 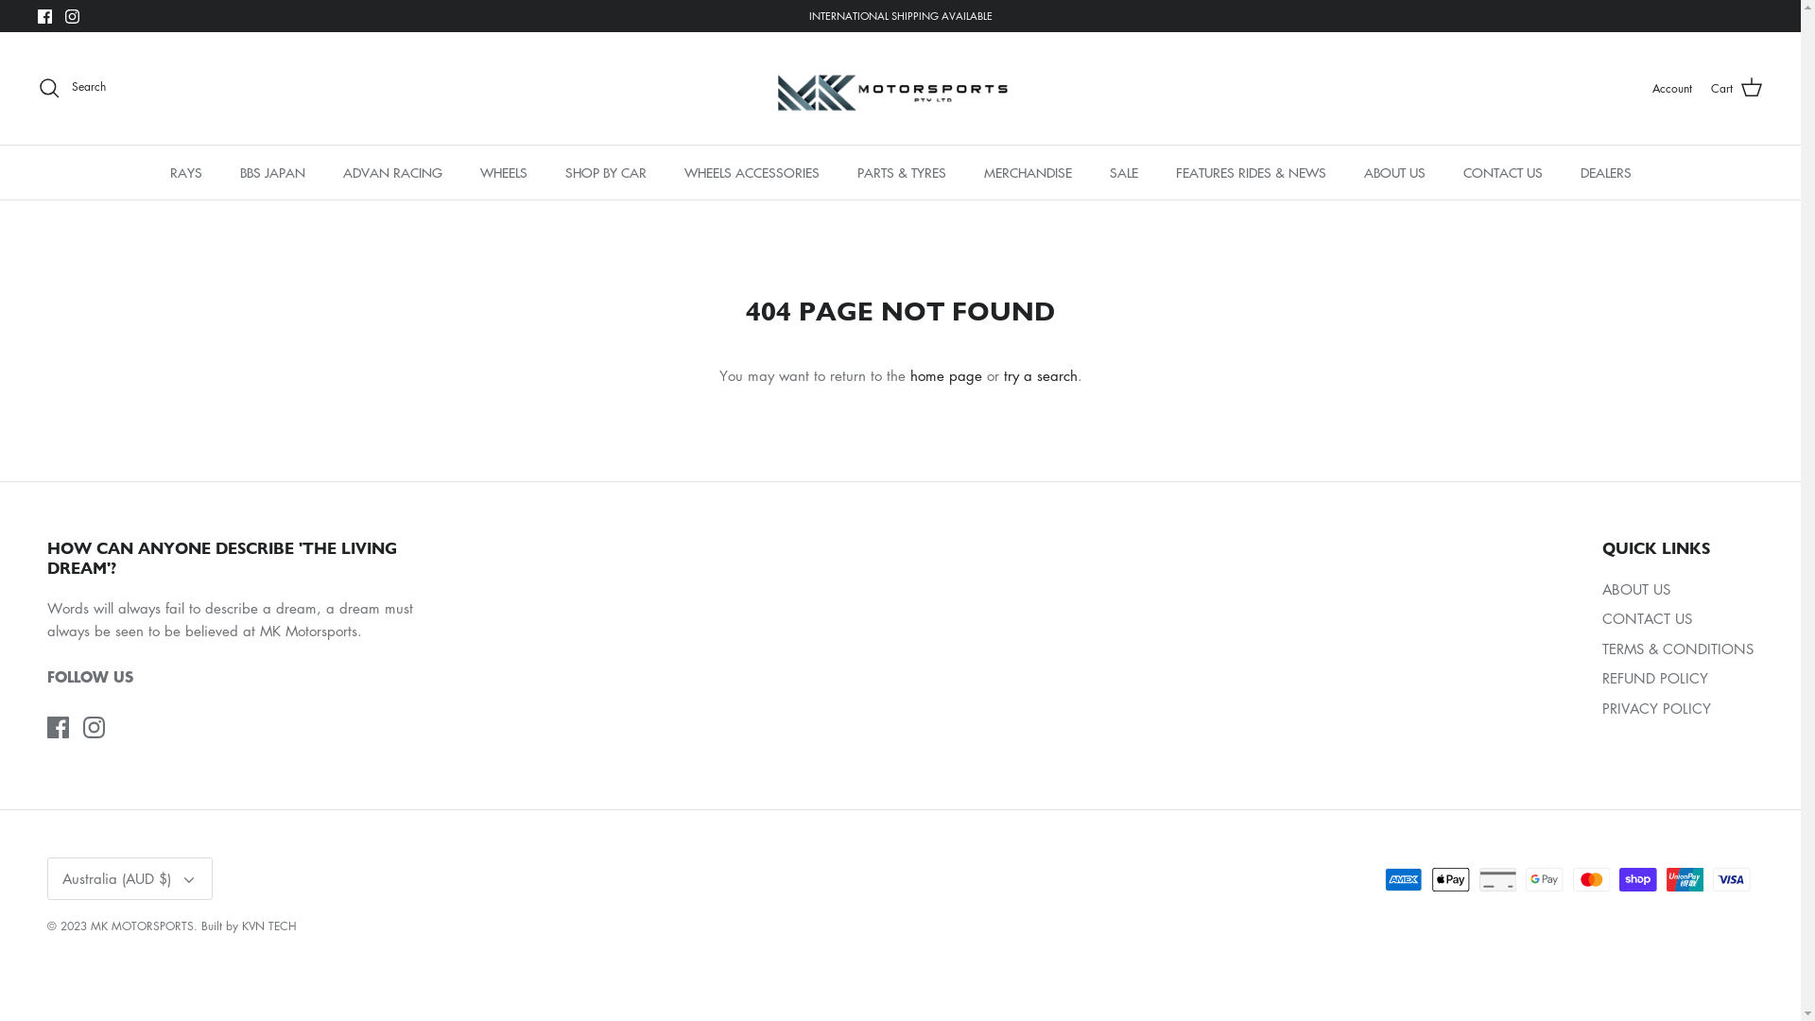 What do you see at coordinates (129, 878) in the screenshot?
I see `'Australia (AUD $)` at bounding box center [129, 878].